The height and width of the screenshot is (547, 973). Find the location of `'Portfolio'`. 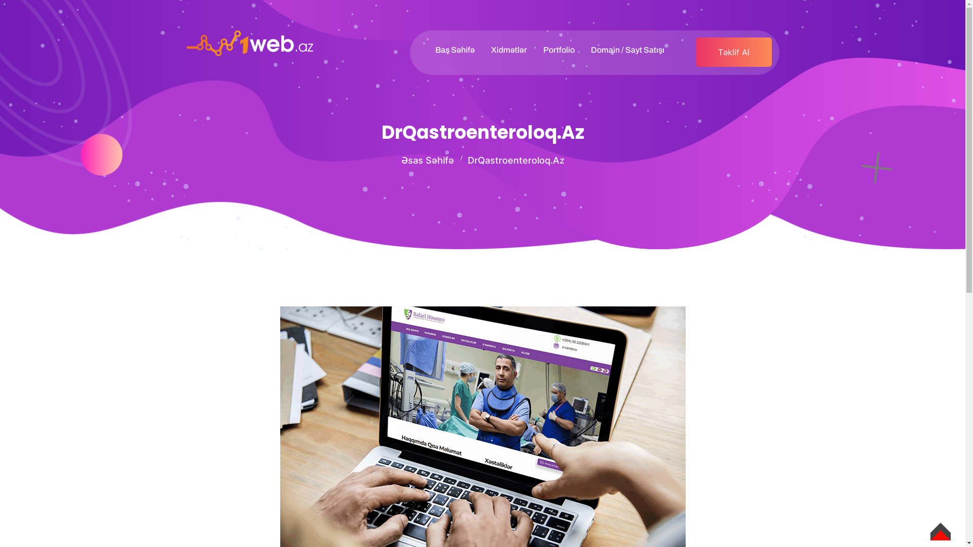

'Portfolio' is located at coordinates (558, 50).